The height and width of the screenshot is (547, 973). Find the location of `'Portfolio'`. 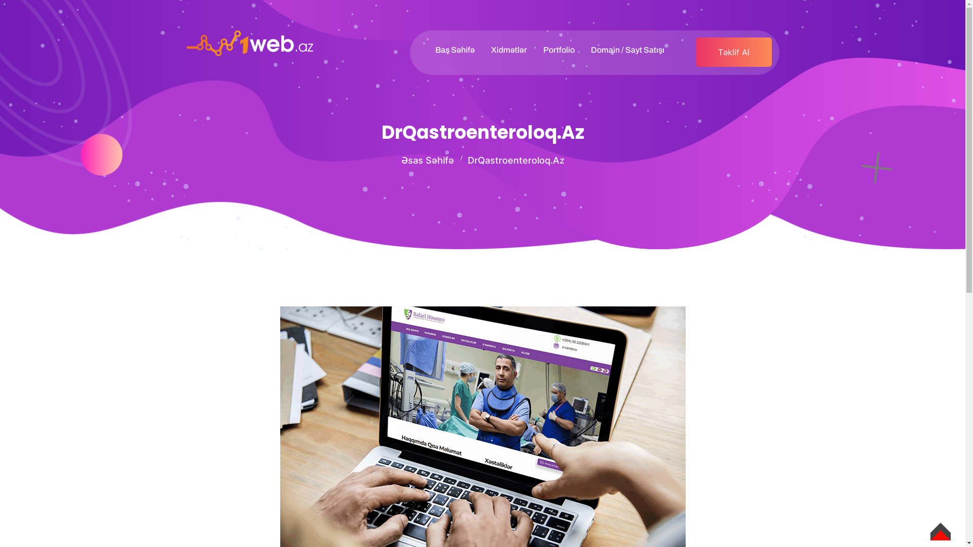

'Portfolio' is located at coordinates (558, 50).